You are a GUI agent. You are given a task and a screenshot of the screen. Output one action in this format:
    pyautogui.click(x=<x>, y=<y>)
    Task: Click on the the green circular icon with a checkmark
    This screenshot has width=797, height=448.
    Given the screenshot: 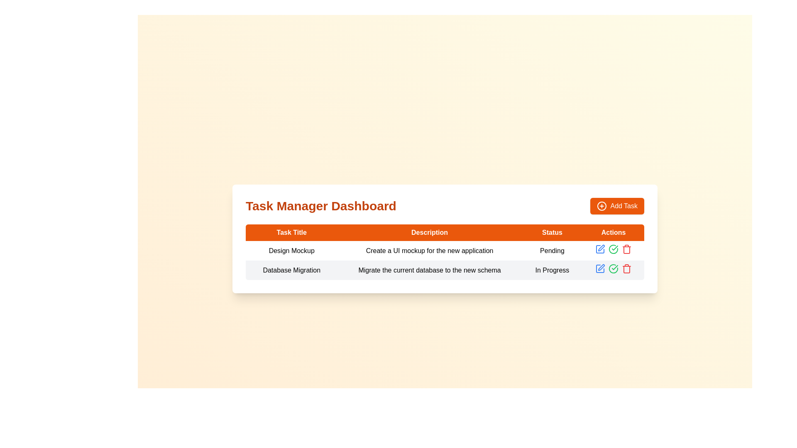 What is the action you would take?
    pyautogui.click(x=614, y=270)
    